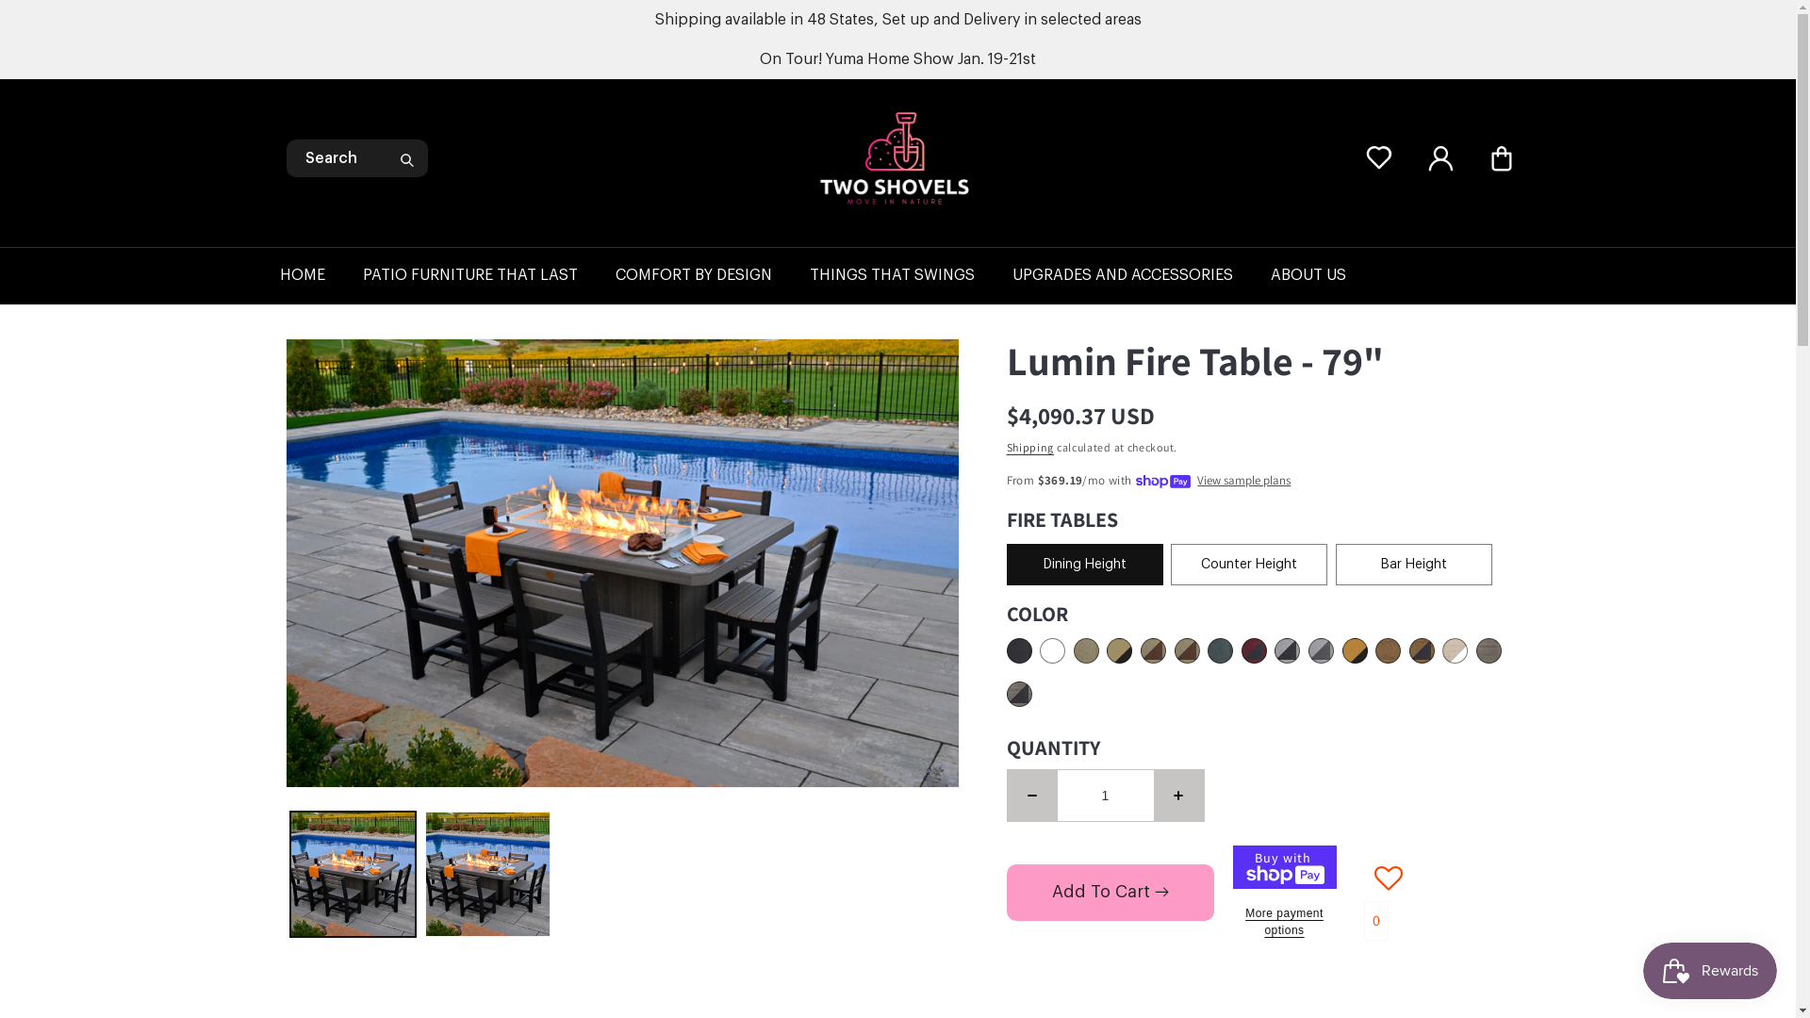 The width and height of the screenshot is (1810, 1018). Describe the element at coordinates (321, 275) in the screenshot. I see `'HOME'` at that location.